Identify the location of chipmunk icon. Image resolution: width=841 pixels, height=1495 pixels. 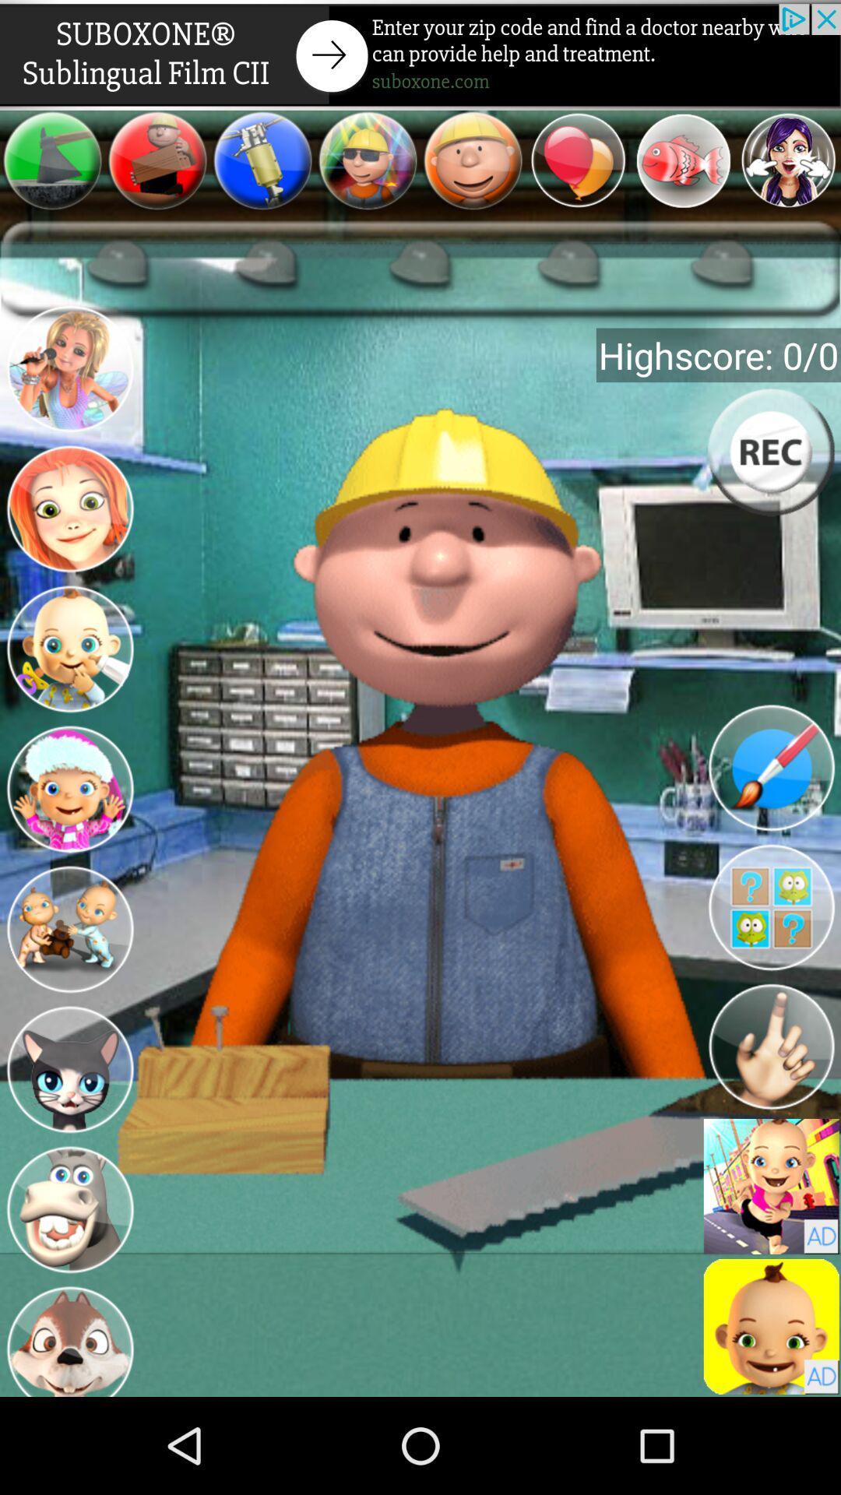
(69, 1337).